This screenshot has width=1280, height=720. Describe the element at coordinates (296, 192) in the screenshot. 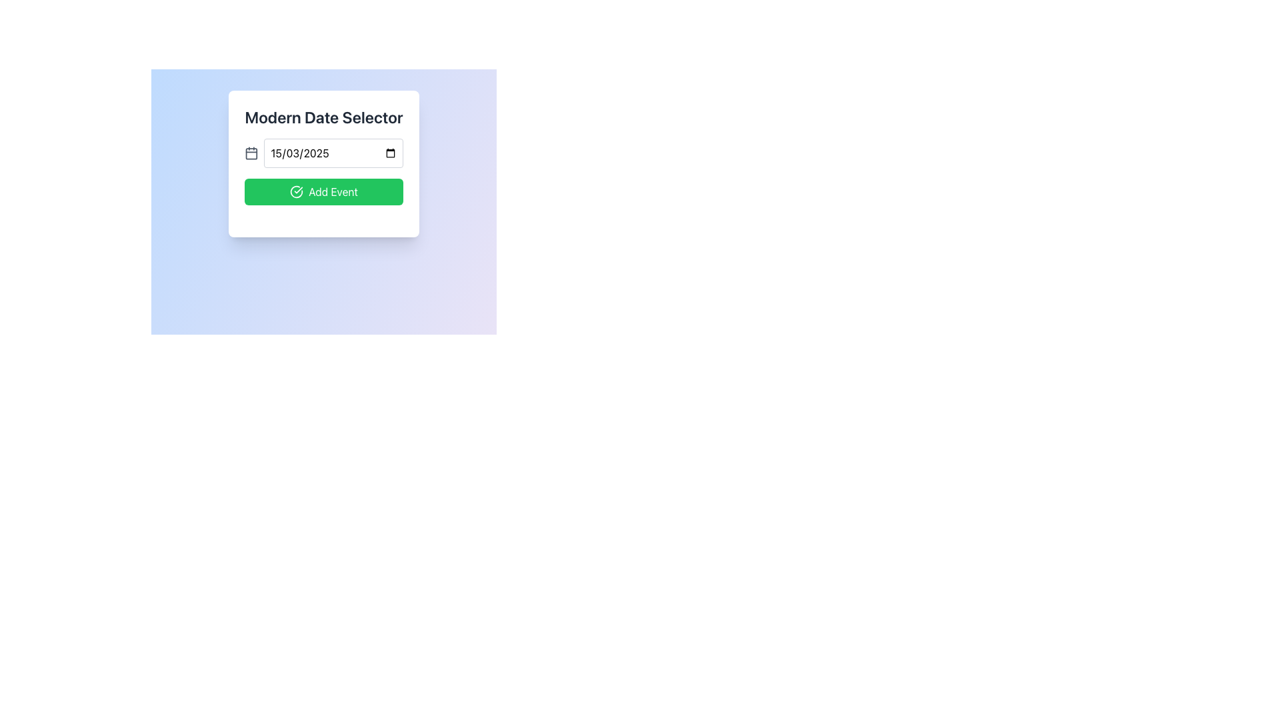

I see `the circular icon with a checkmark located inside the green button labeled 'Add Event' at the bottom center of the card` at that location.